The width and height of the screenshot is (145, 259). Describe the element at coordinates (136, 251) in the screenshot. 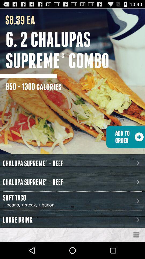

I see `the menu icon` at that location.